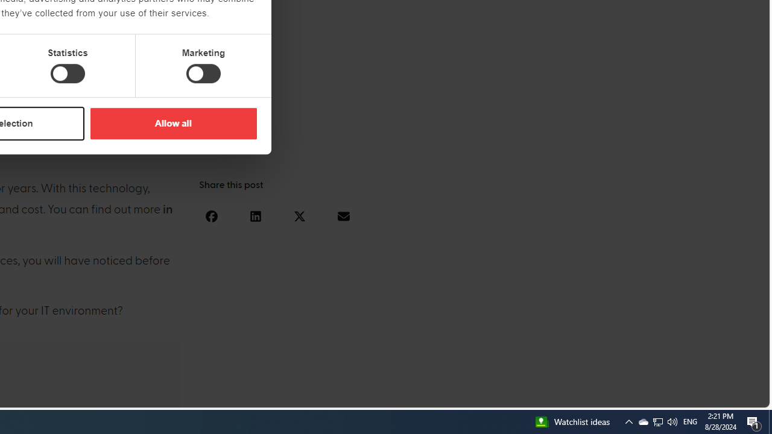 The height and width of the screenshot is (434, 772). Describe the element at coordinates (343, 215) in the screenshot. I see `'Share on email'` at that location.